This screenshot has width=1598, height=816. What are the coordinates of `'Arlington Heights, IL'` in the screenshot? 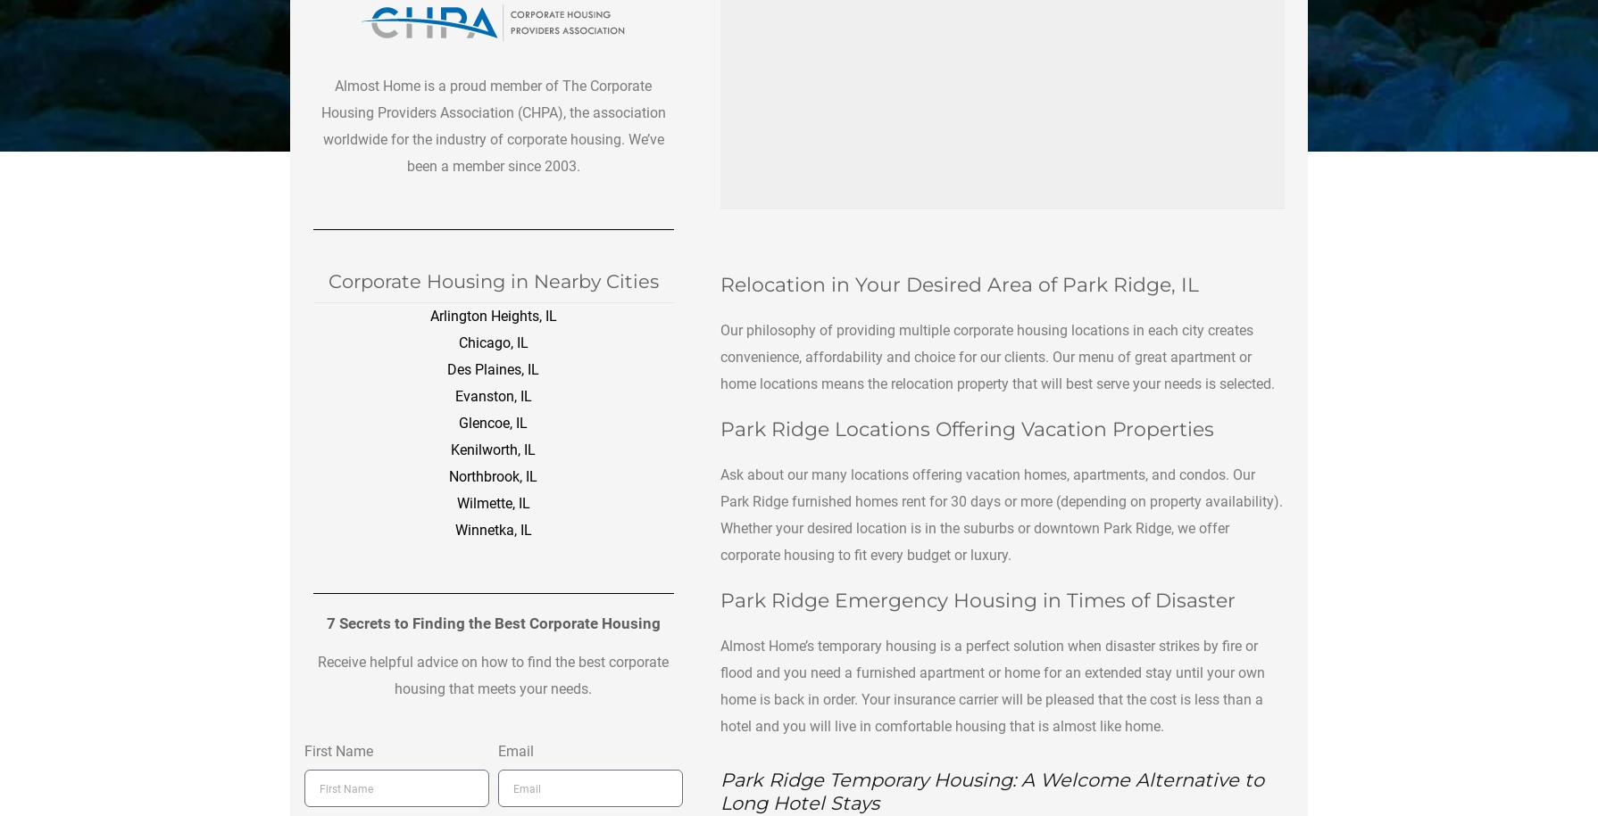 It's located at (492, 315).